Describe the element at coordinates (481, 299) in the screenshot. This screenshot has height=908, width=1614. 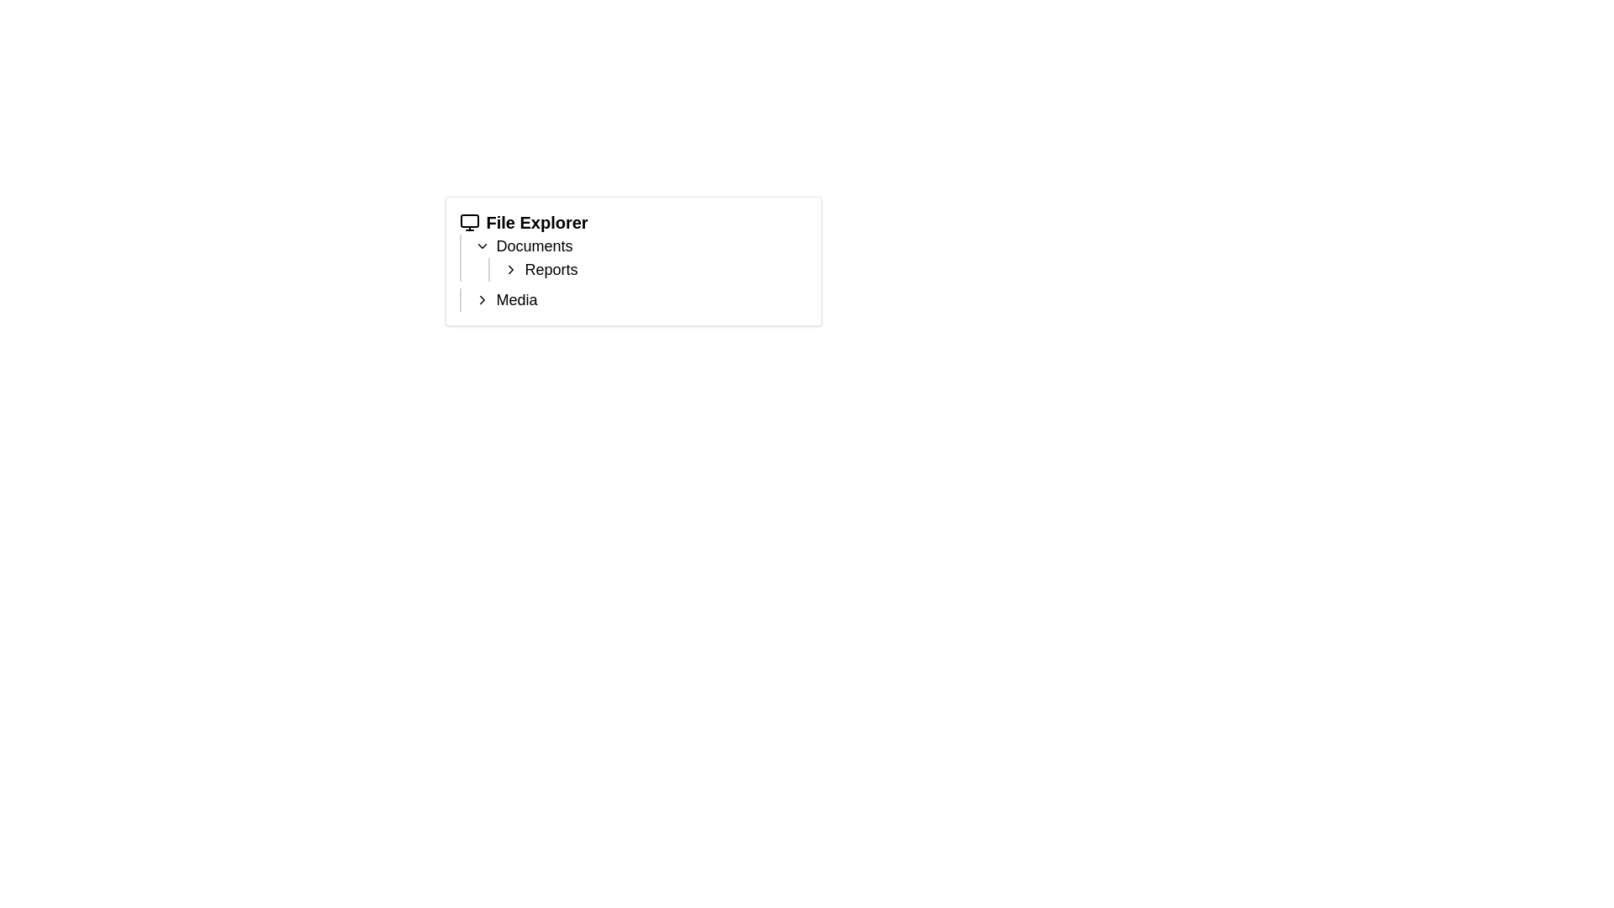
I see `the Chevron icon located to the left of the 'Media' text label` at that location.